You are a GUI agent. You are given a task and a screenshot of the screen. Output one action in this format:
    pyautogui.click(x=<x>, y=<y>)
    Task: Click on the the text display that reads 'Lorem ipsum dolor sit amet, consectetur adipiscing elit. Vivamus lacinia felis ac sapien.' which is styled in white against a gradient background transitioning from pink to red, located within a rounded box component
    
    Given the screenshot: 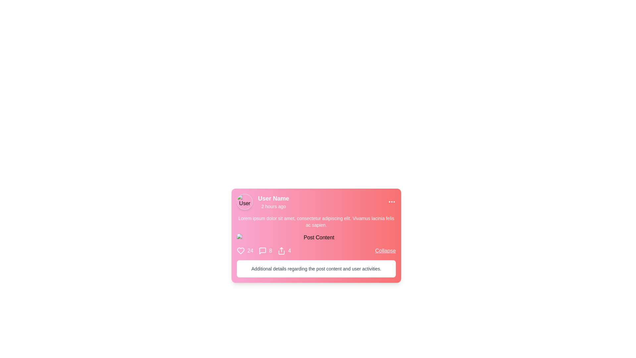 What is the action you would take?
    pyautogui.click(x=316, y=221)
    